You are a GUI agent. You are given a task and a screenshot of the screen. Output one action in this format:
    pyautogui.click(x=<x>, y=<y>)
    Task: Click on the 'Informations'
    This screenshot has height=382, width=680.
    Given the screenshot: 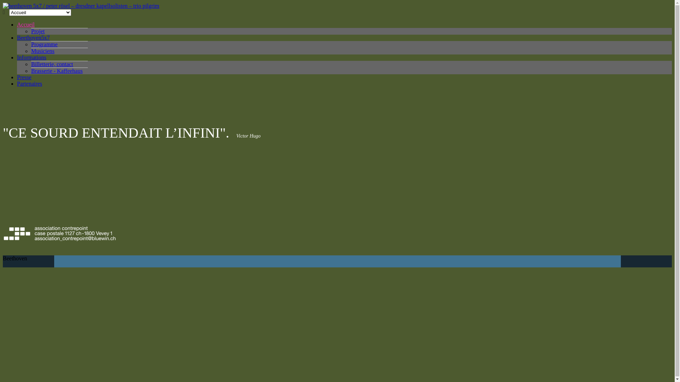 What is the action you would take?
    pyautogui.click(x=31, y=57)
    